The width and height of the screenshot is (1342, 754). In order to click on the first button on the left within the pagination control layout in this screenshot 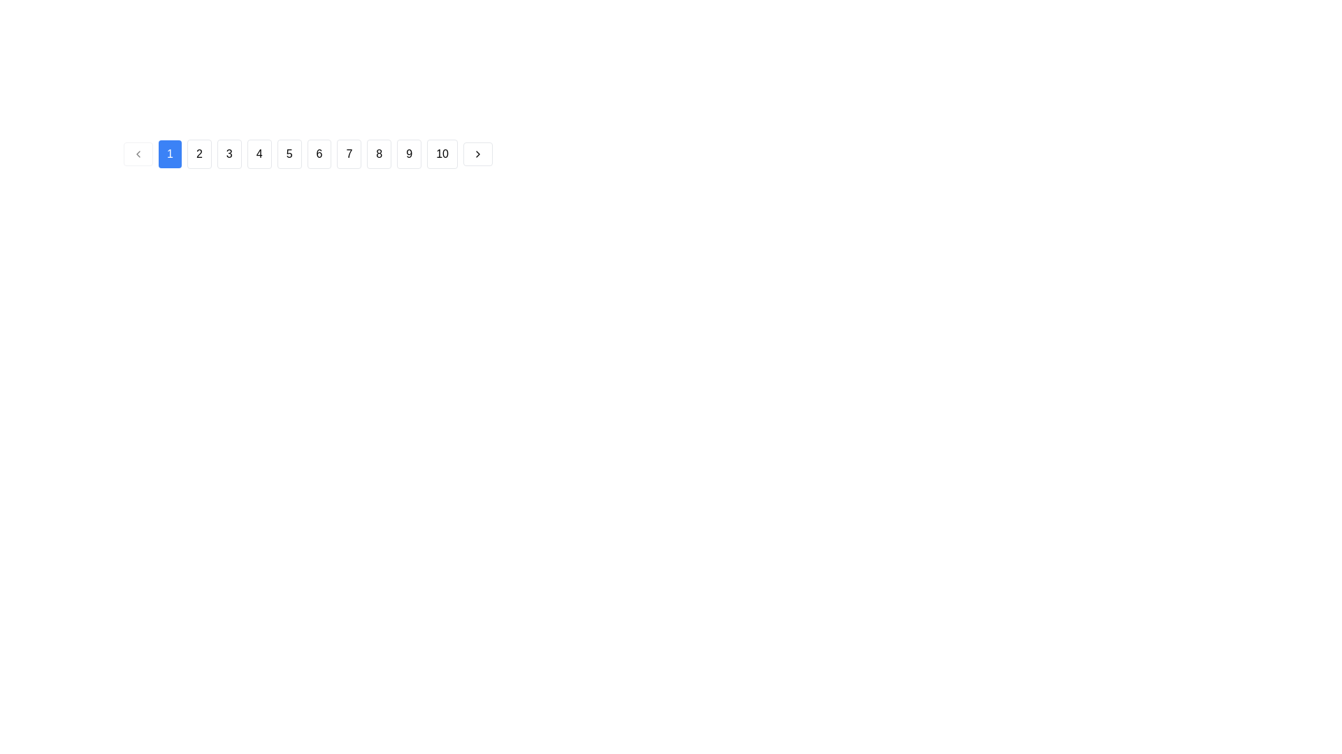, I will do `click(138, 154)`.